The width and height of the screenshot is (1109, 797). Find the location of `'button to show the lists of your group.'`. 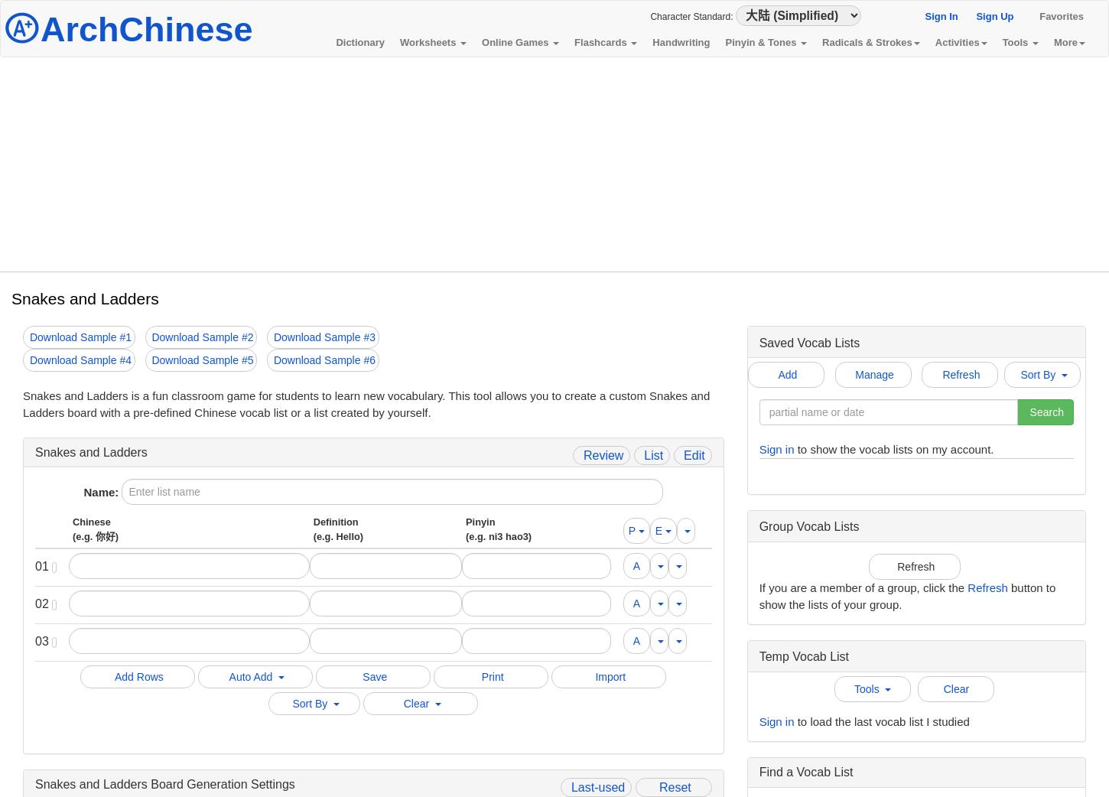

'button to show the lists of your group.' is located at coordinates (906, 594).